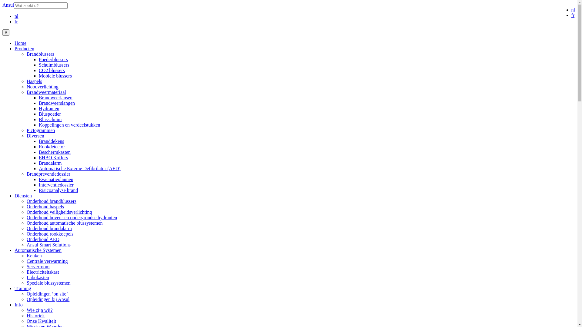 The width and height of the screenshot is (582, 327). I want to click on 'nl', so click(15, 16).